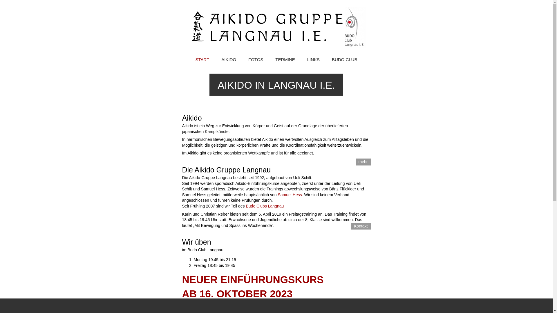 This screenshot has width=557, height=313. Describe the element at coordinates (363, 304) in the screenshot. I see `'Plan'` at that location.